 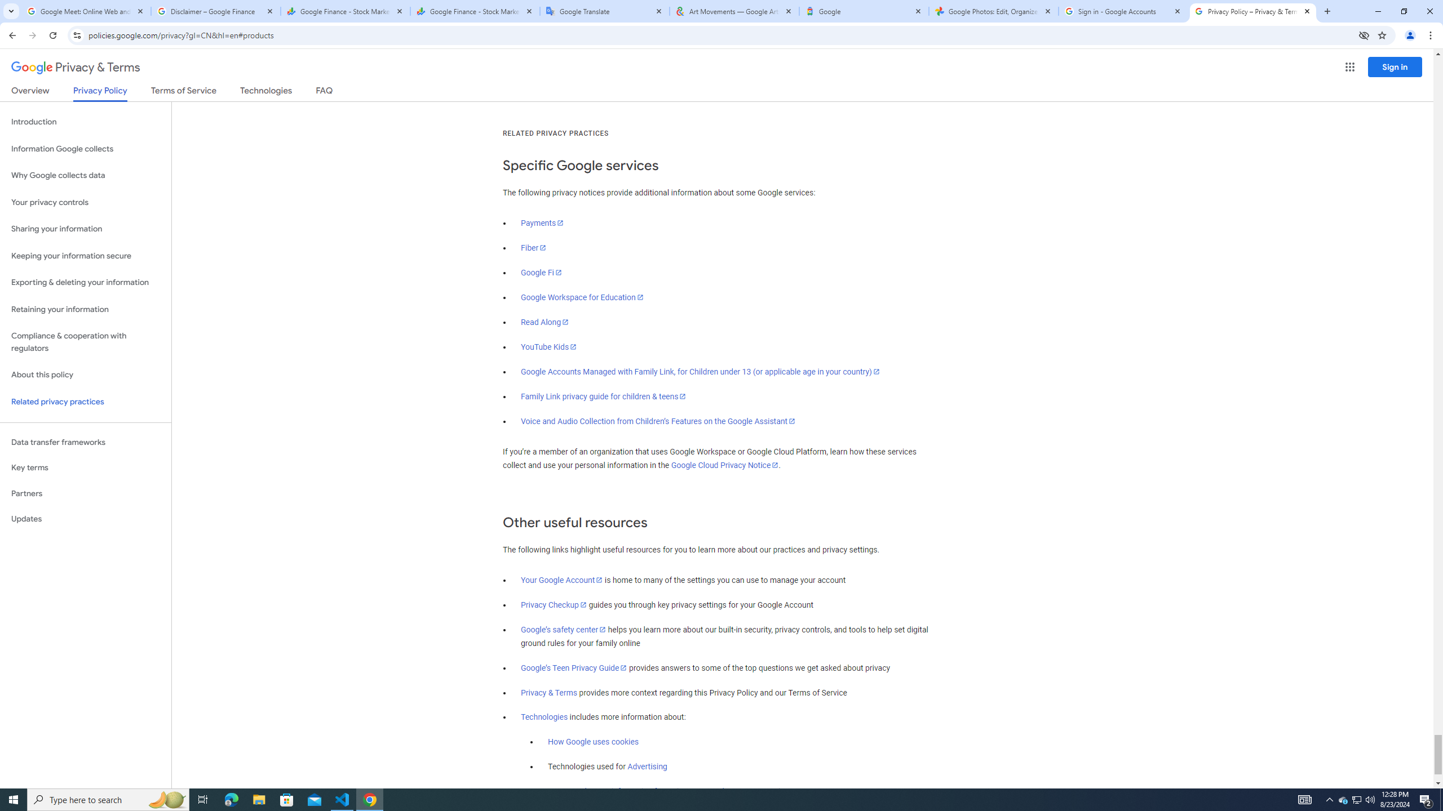 What do you see at coordinates (85, 228) in the screenshot?
I see `'Sharing your information'` at bounding box center [85, 228].